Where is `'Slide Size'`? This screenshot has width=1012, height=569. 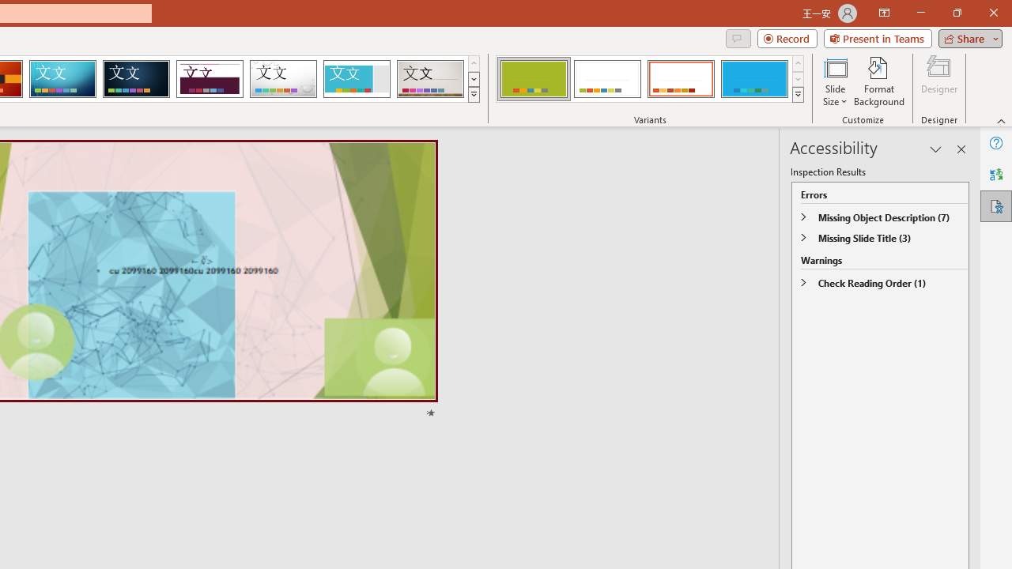
'Slide Size' is located at coordinates (834, 81).